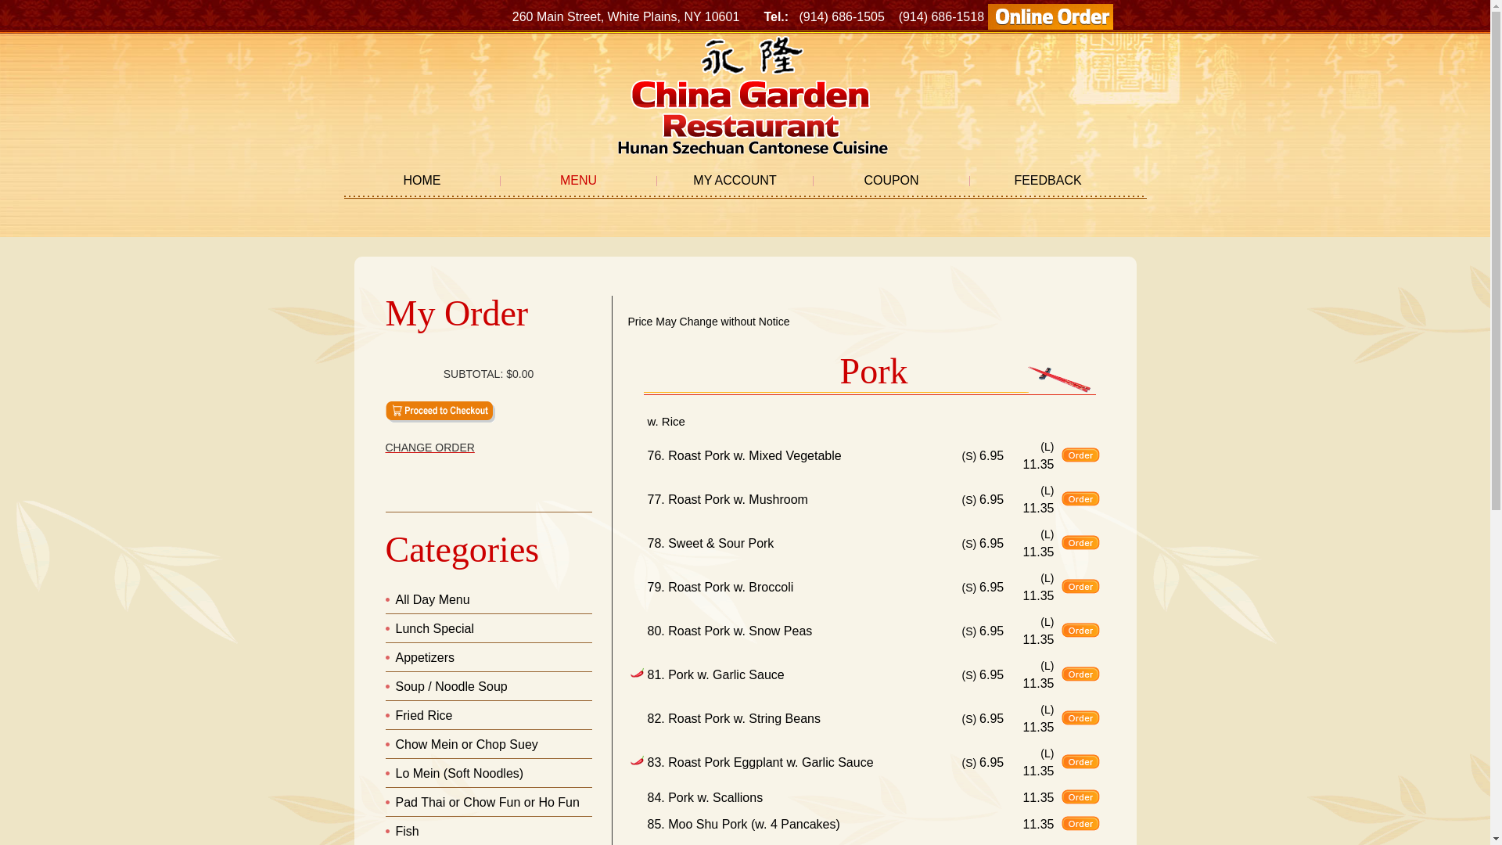 The height and width of the screenshot is (845, 1502). I want to click on 'Appetizers', so click(395, 657).